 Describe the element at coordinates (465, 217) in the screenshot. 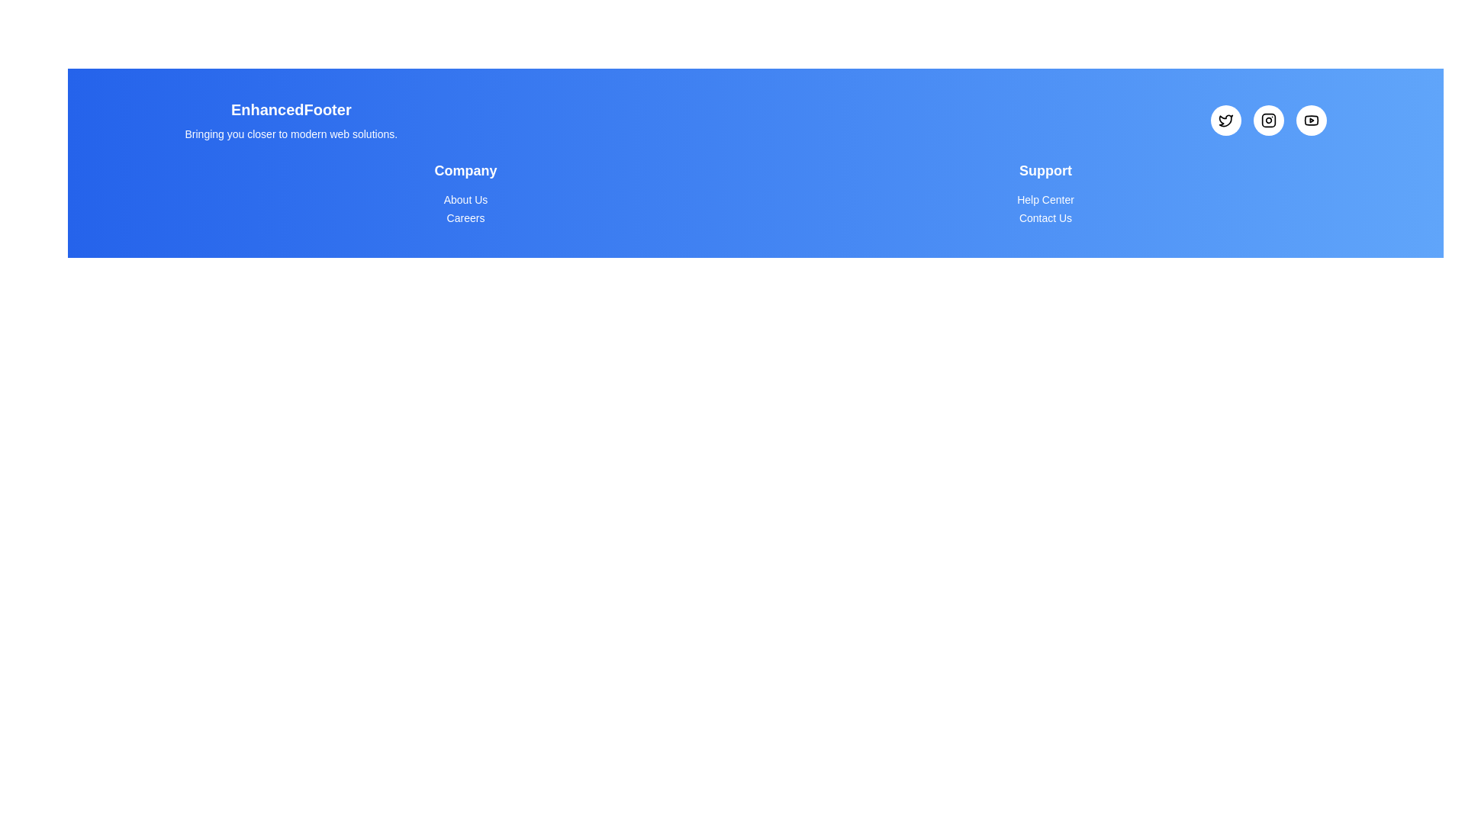

I see `the 'Careers' hyperlink located in the 'Company' section of the footer` at that location.